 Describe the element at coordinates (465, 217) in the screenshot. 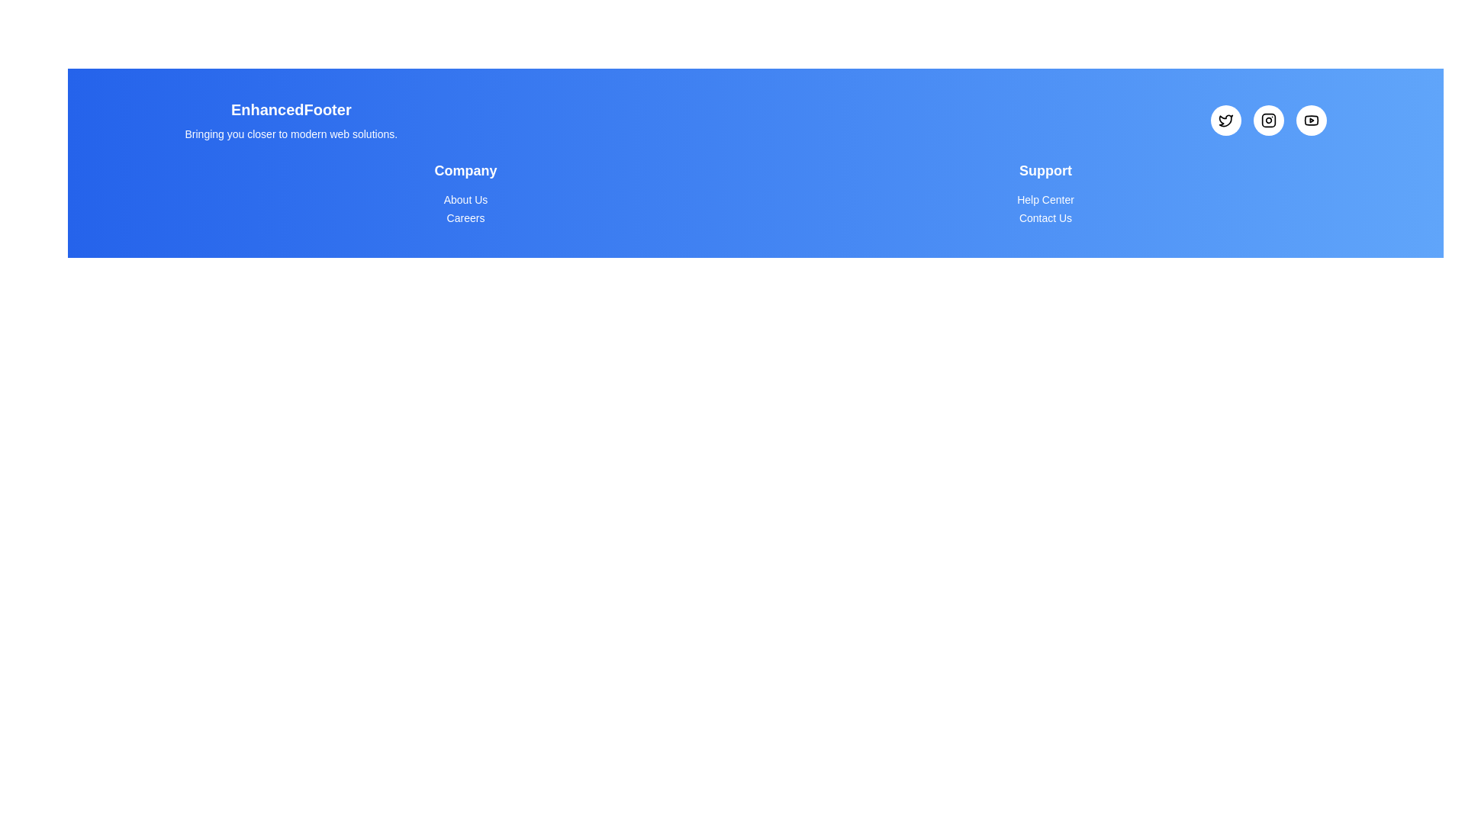

I see `the 'Careers' hyperlink located in the 'Company' section of the footer` at that location.